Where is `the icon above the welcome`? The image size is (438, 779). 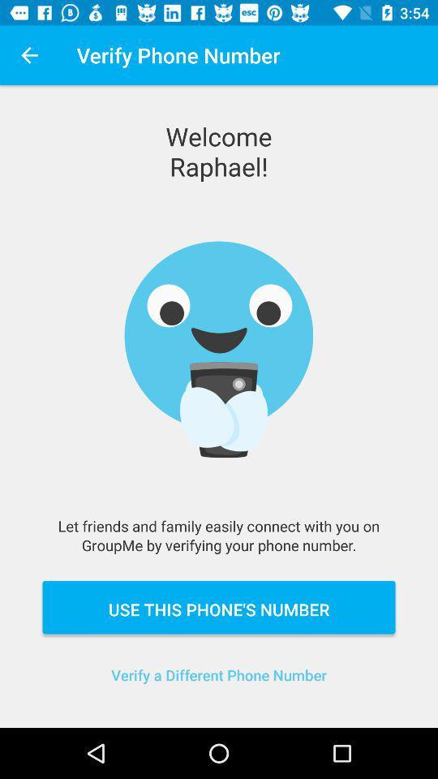 the icon above the welcome is located at coordinates (29, 55).